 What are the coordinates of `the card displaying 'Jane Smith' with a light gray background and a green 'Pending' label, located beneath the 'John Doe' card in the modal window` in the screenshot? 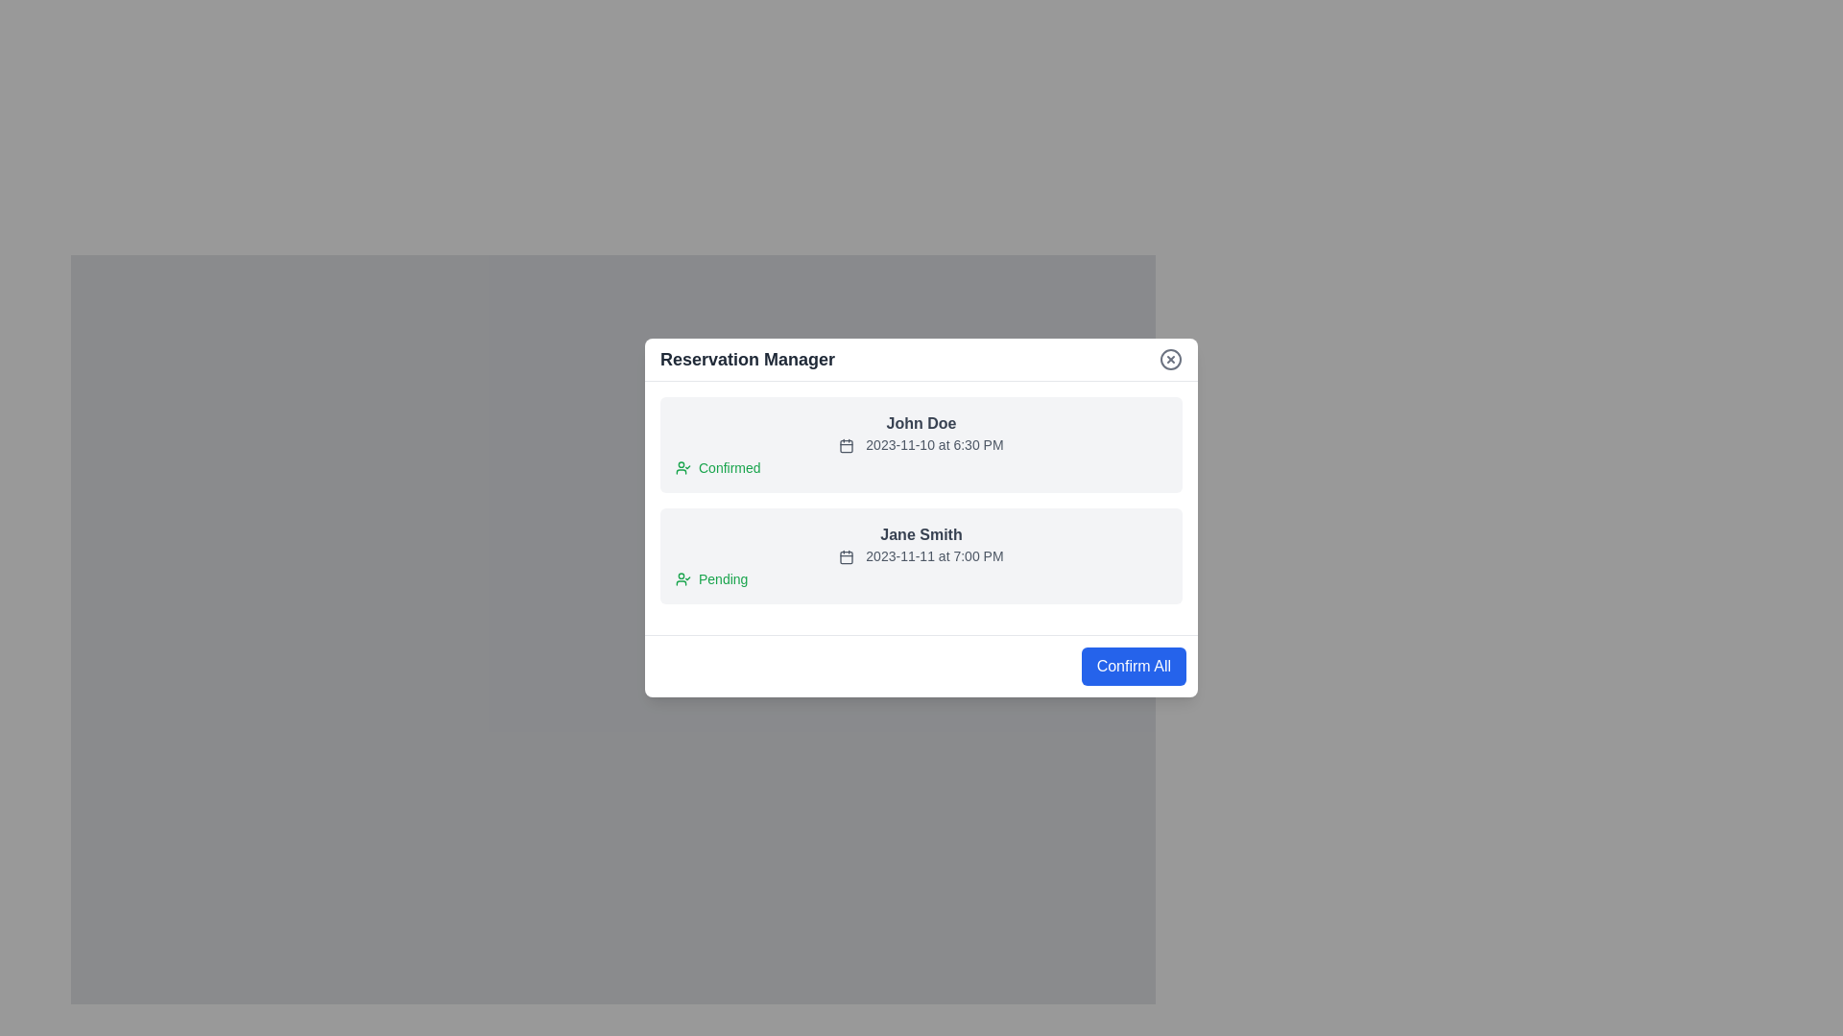 It's located at (921, 555).